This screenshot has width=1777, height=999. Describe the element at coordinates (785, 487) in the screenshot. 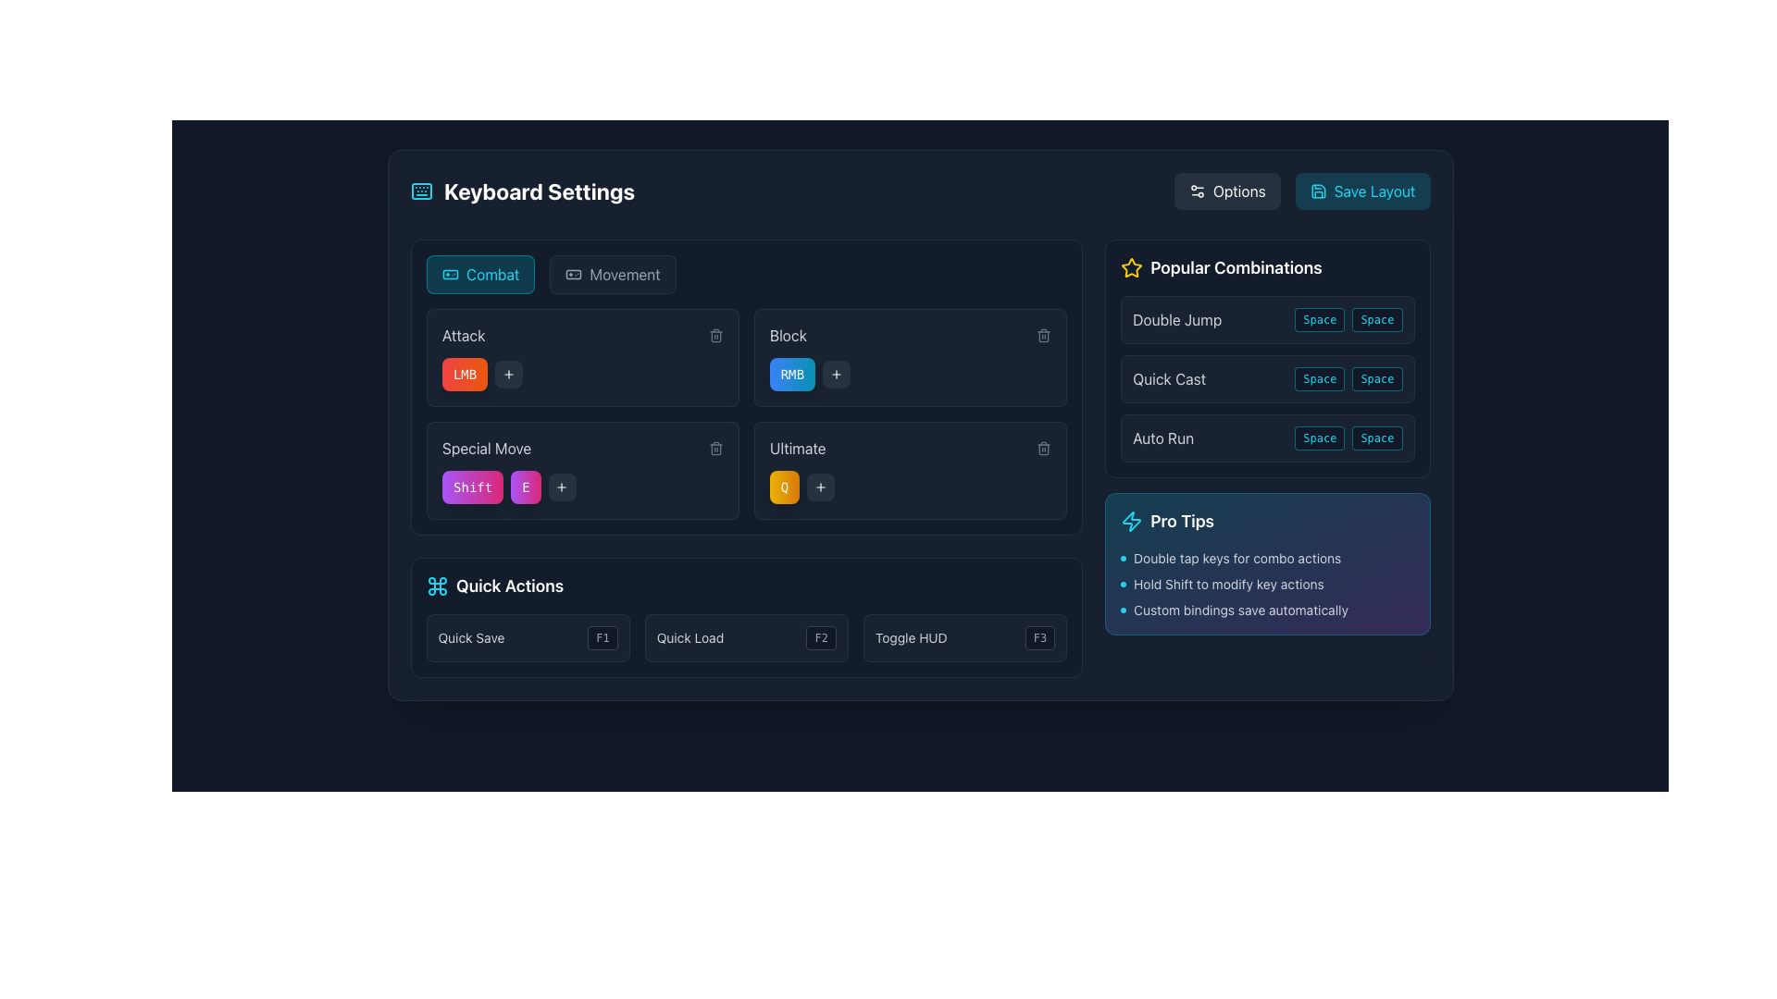

I see `the button with a yellow to amber gradient background displaying the character 'Q' in the 'Ultimate' section of the 'Combat' tab` at that location.